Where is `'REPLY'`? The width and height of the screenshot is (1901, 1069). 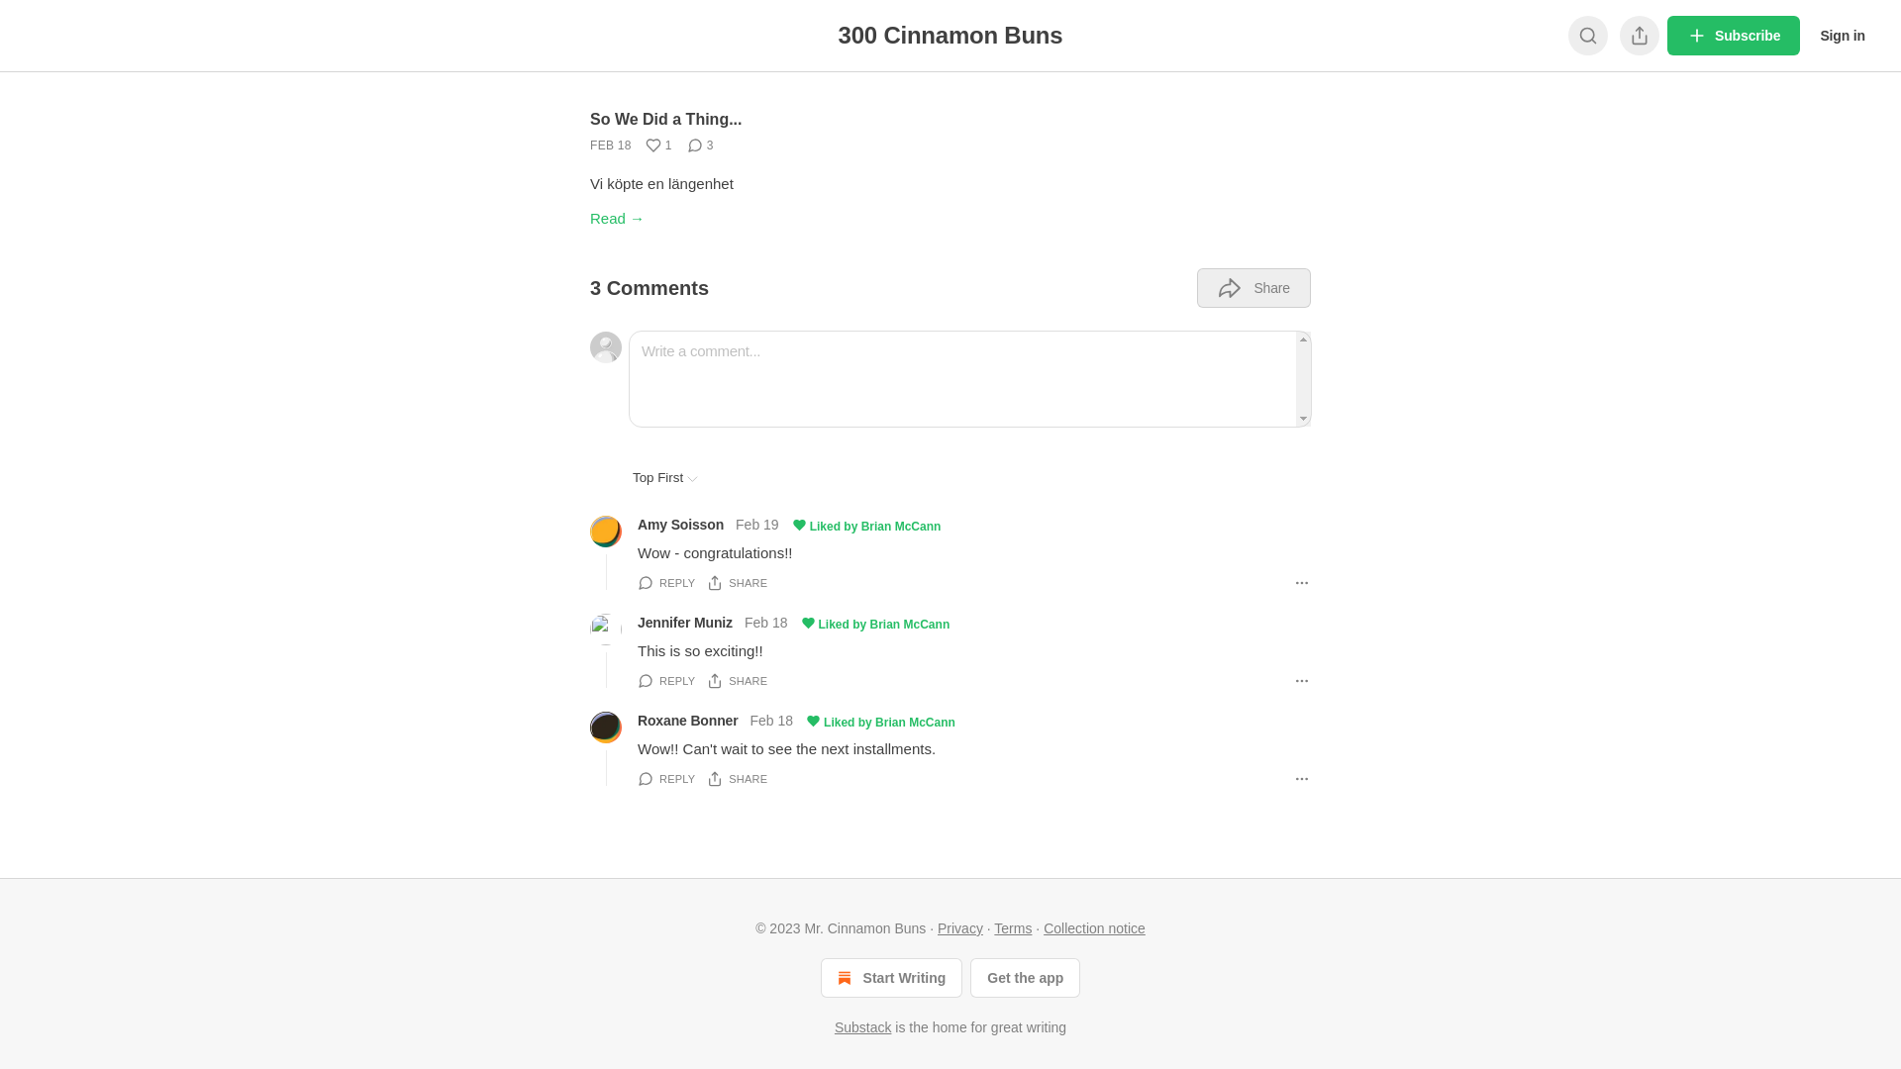 'REPLY' is located at coordinates (665, 679).